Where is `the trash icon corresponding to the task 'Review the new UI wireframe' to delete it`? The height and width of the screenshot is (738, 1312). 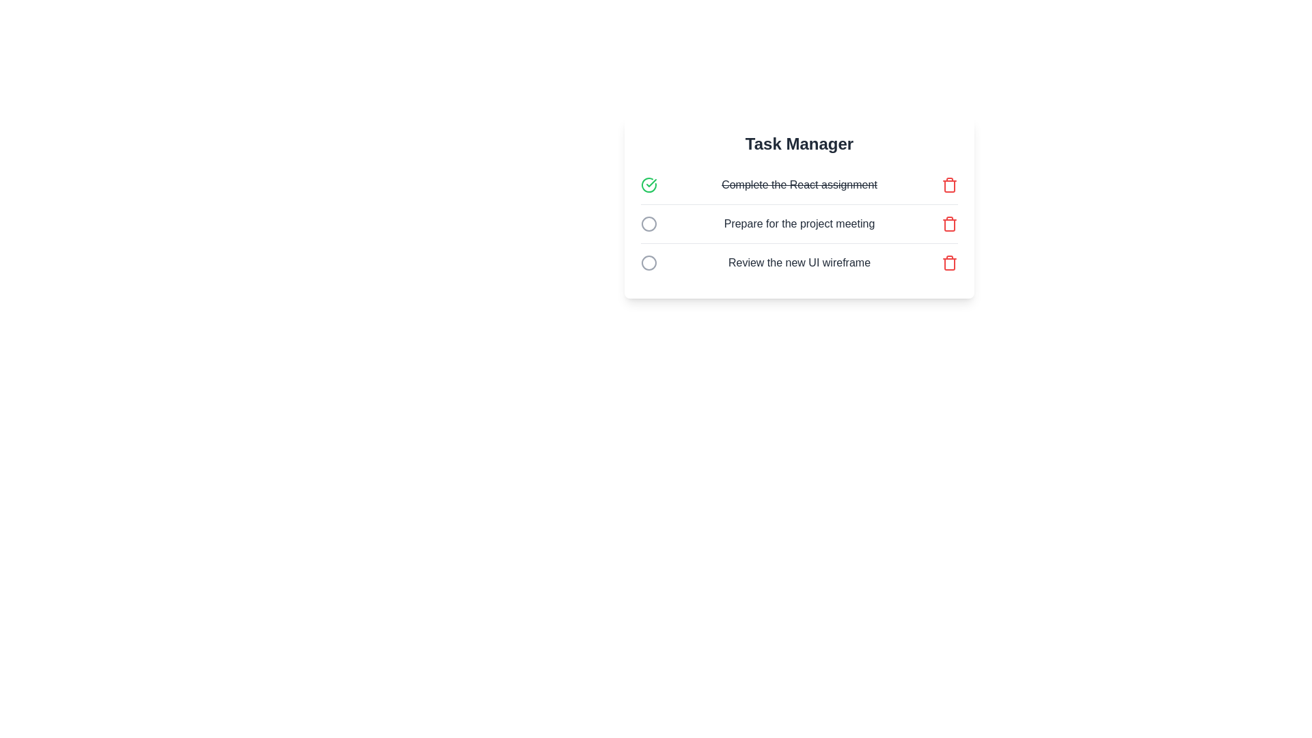
the trash icon corresponding to the task 'Review the new UI wireframe' to delete it is located at coordinates (949, 263).